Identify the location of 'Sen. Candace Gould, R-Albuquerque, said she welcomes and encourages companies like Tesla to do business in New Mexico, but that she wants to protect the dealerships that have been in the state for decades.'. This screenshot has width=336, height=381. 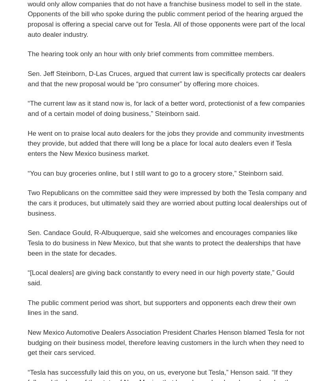
(164, 243).